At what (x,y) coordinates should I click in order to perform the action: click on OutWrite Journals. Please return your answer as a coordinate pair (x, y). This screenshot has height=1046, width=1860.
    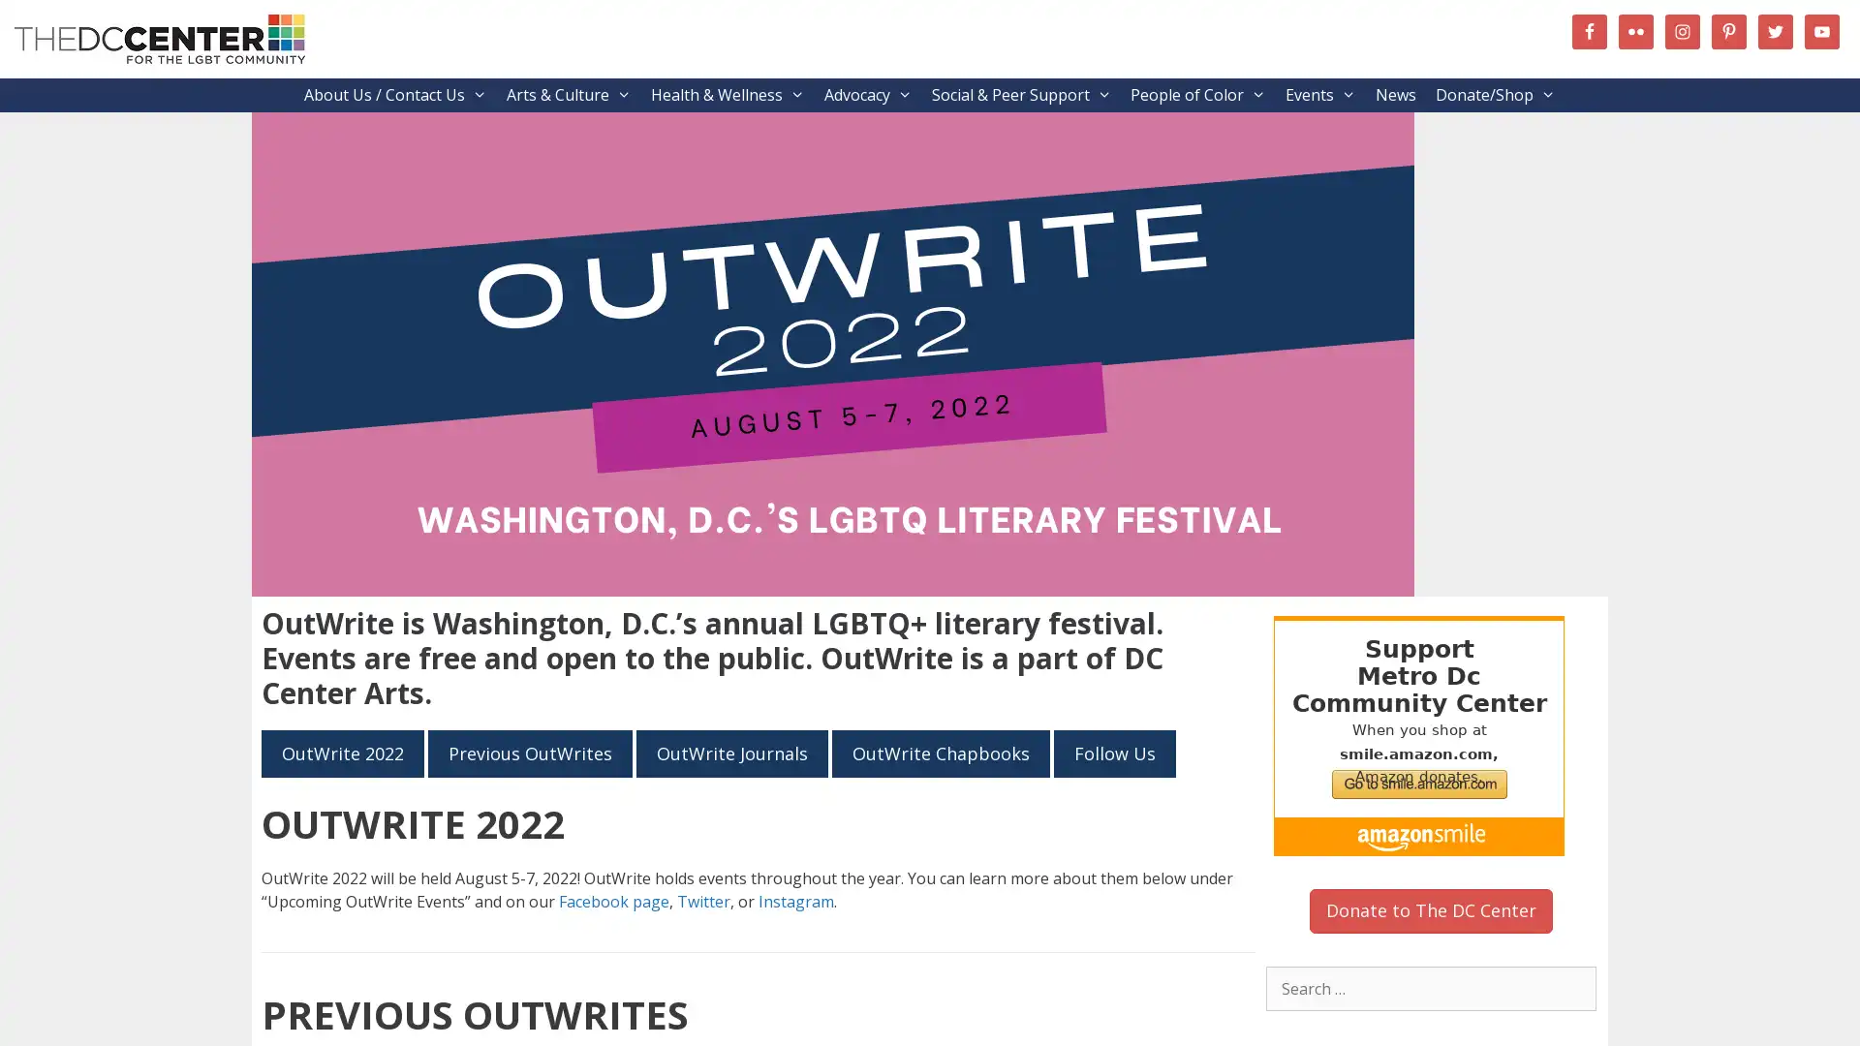
    Looking at the image, I should click on (730, 753).